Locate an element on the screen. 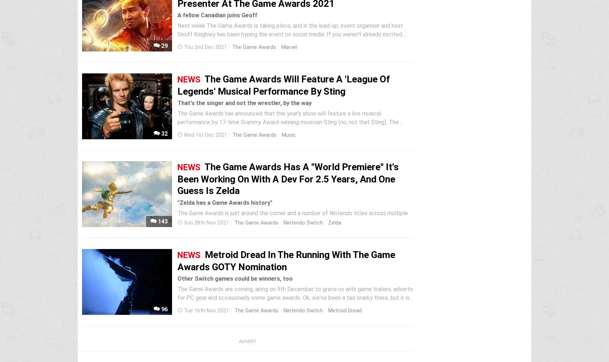 The width and height of the screenshot is (609, 362). 'Thu 2nd Dec 2021' is located at coordinates (205, 47).